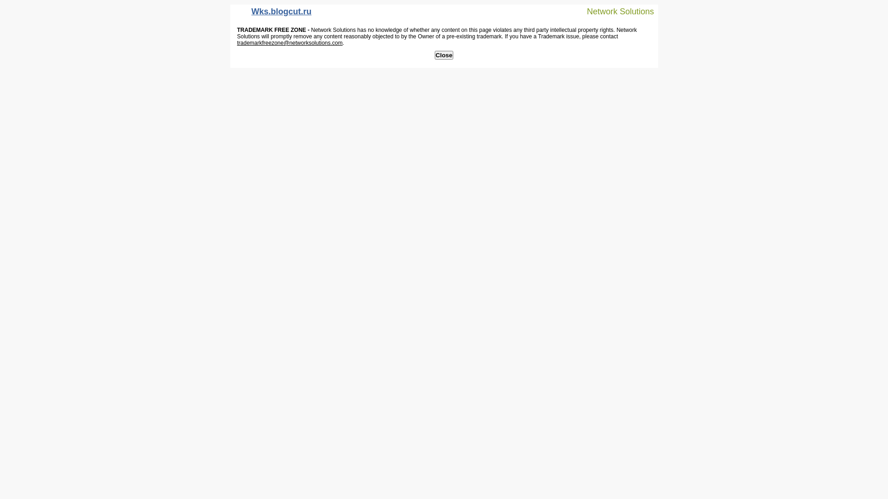 Image resolution: width=888 pixels, height=499 pixels. What do you see at coordinates (272, 13) in the screenshot?
I see `'Wks.blogcut.ru'` at bounding box center [272, 13].